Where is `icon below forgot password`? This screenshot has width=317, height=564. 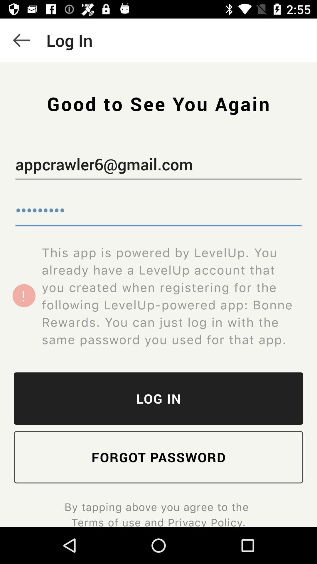
icon below forgot password is located at coordinates (158, 513).